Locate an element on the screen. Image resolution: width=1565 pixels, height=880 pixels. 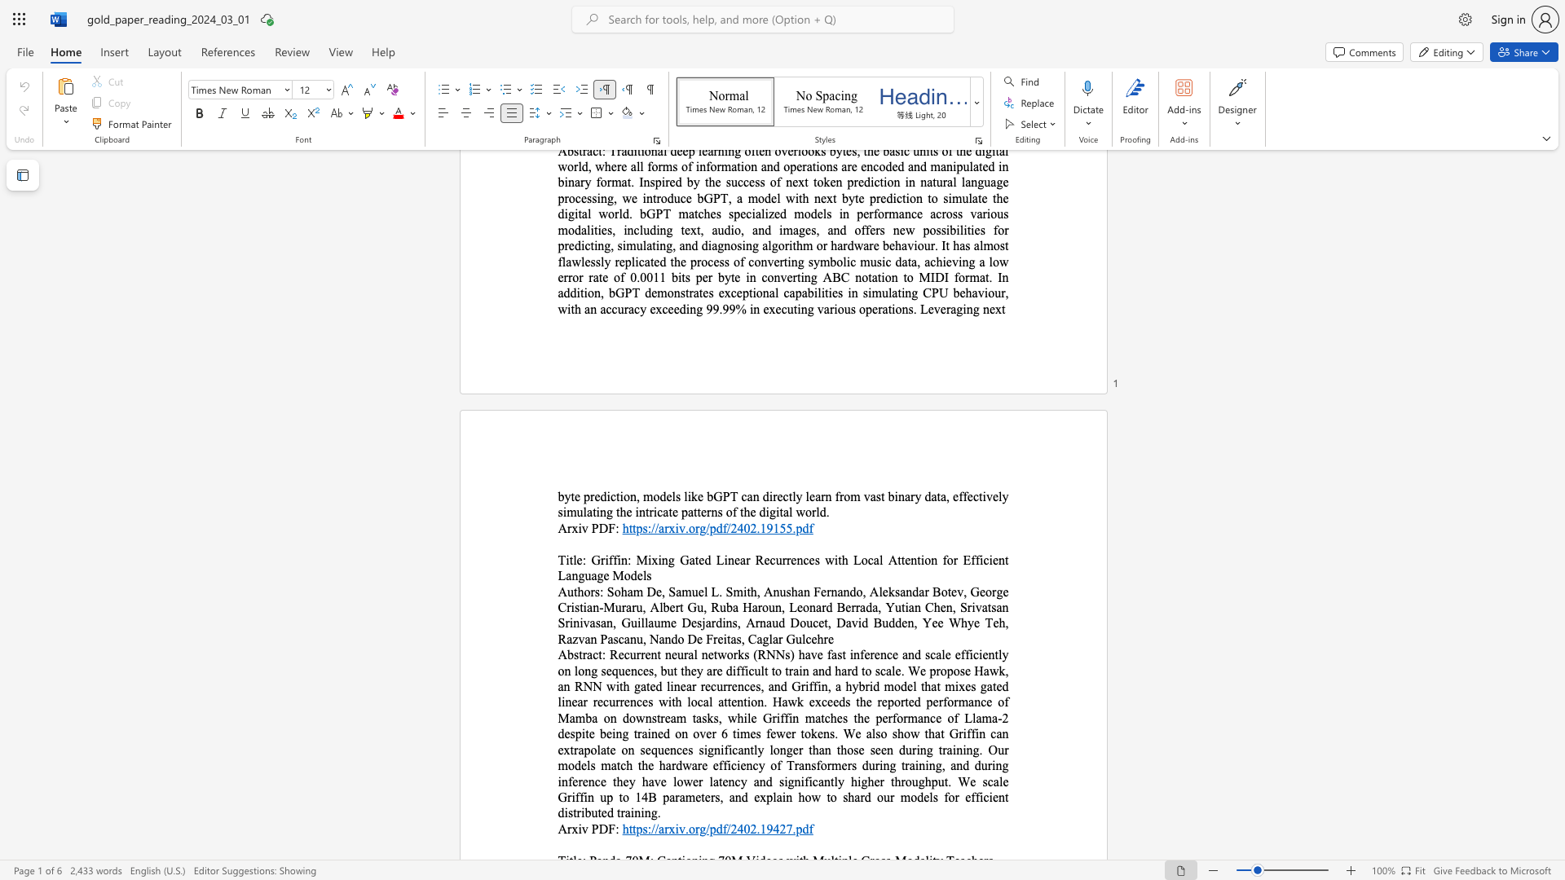
the subset text ".pd" within the text "https://arxiv.org/pdf/2402.19427.pdf" is located at coordinates (792, 829).